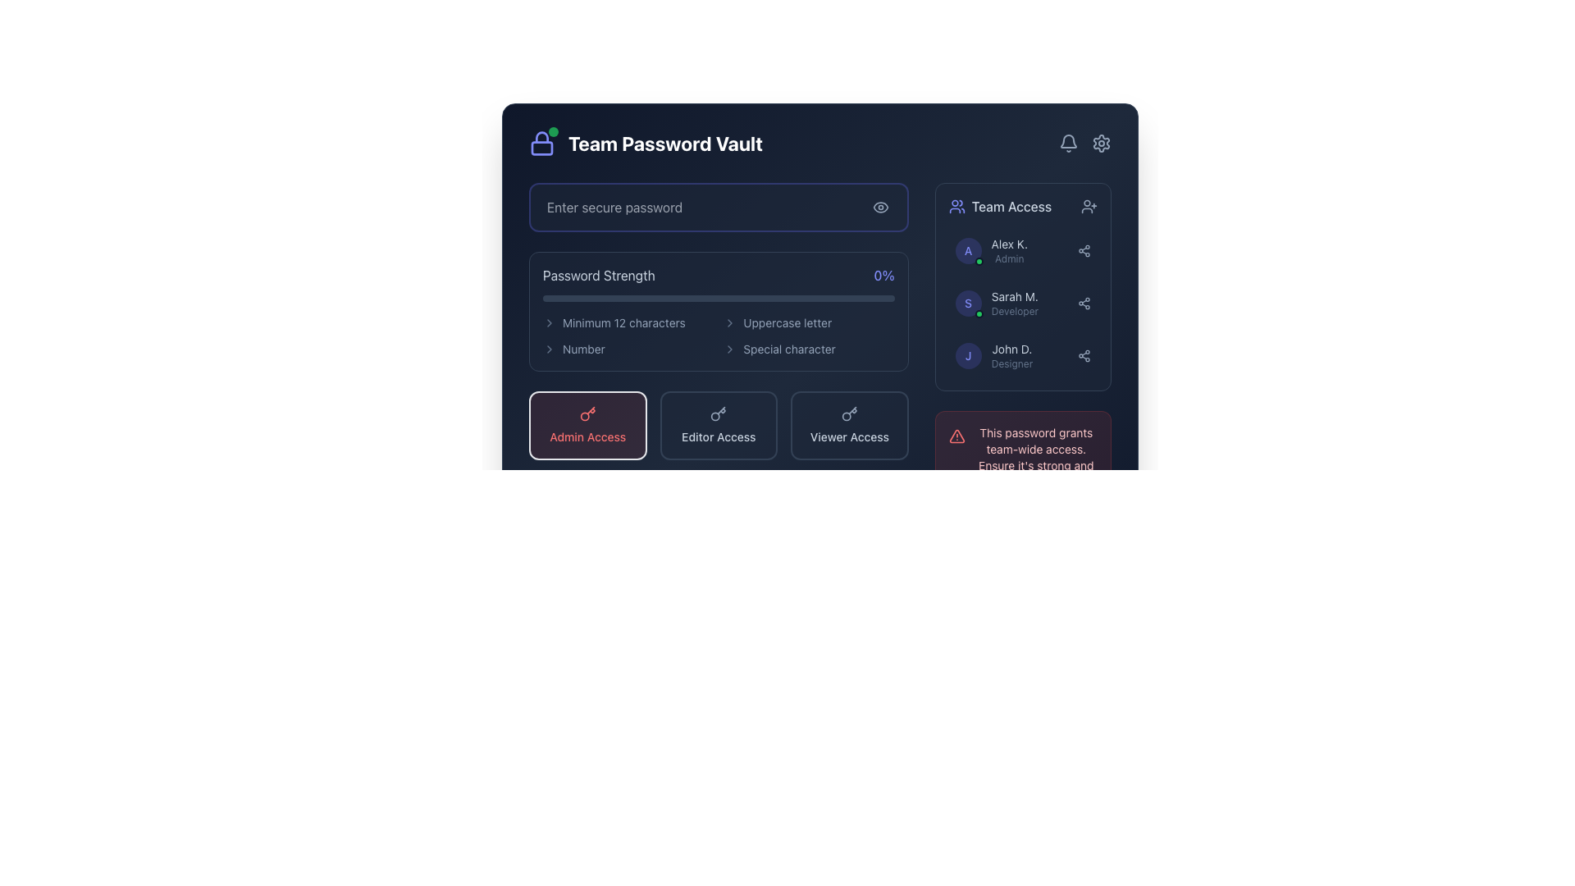 The width and height of the screenshot is (1575, 886). Describe the element at coordinates (1089, 205) in the screenshot. I see `the clickable icon button located to the far right of the 'Team Access' header area to change its color` at that location.